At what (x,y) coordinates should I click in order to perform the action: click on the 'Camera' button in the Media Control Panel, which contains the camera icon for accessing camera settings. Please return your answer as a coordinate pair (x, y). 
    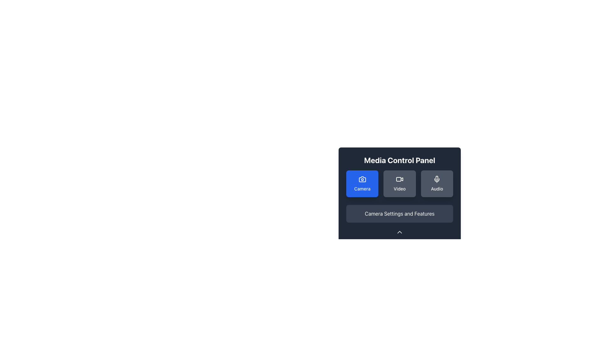
    Looking at the image, I should click on (362, 179).